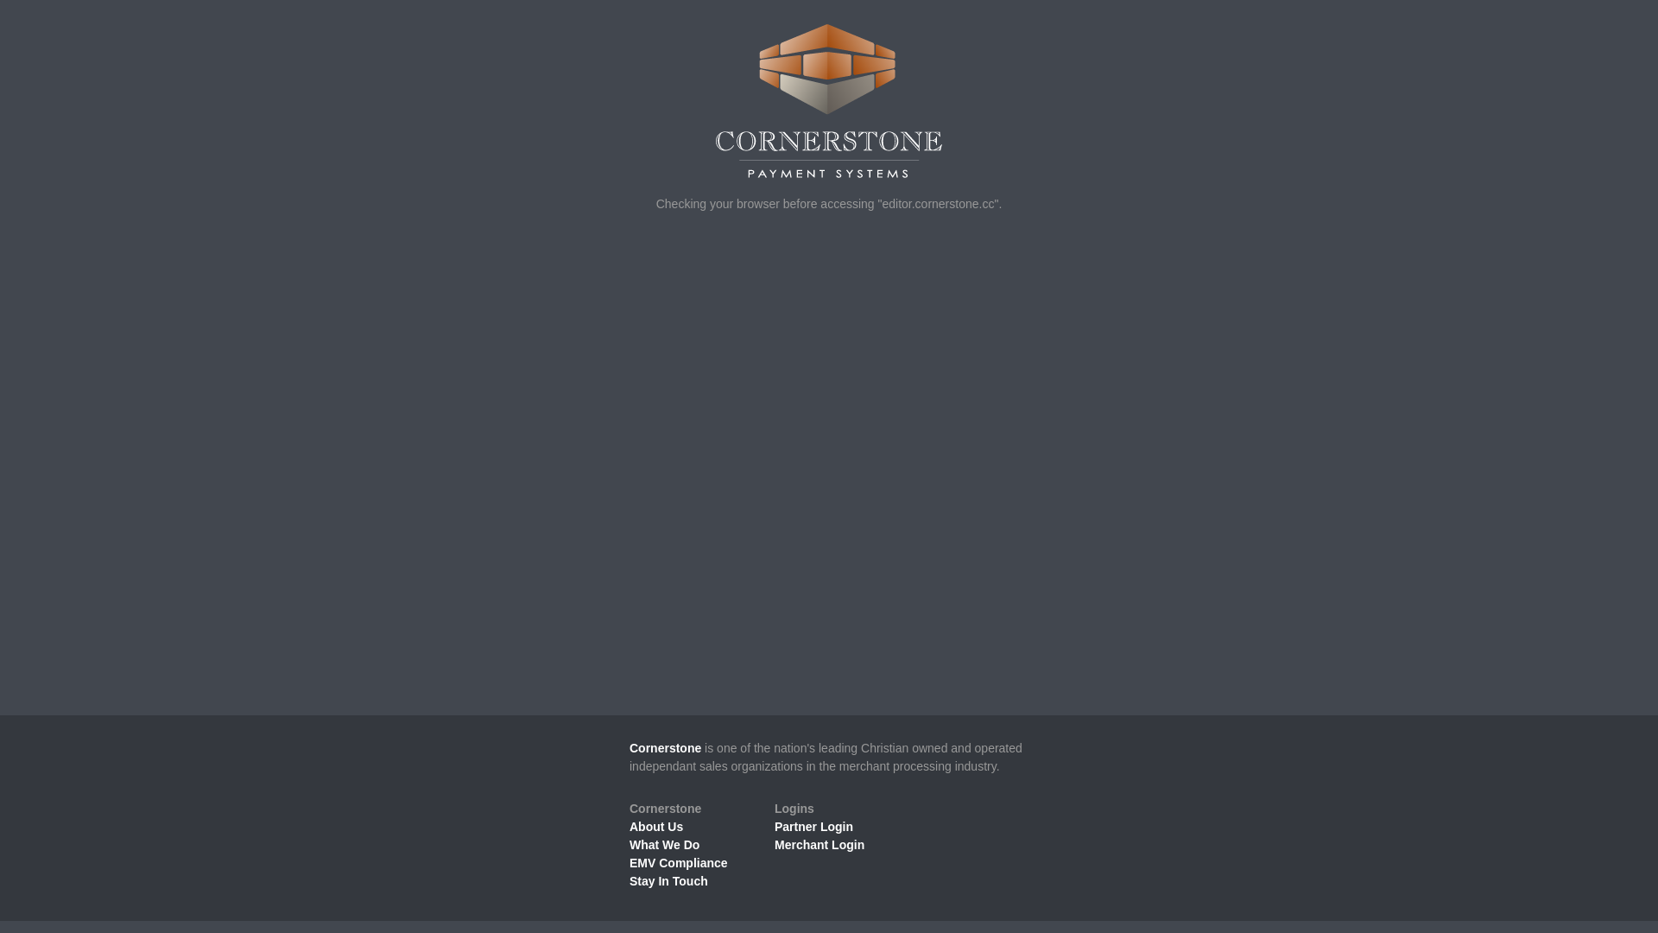  I want to click on 'Stay In Touch', so click(668, 880).